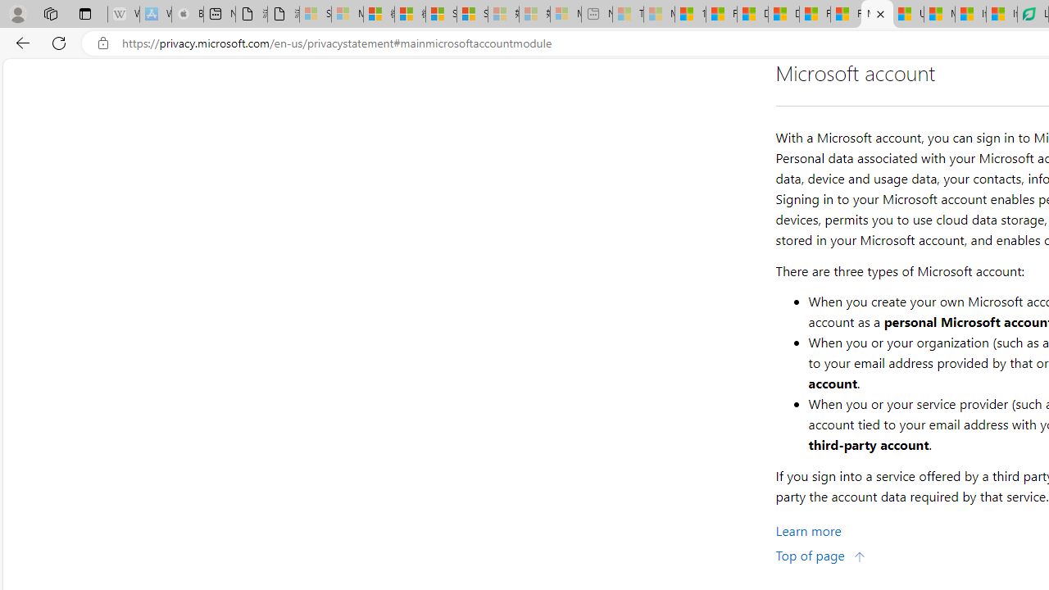 This screenshot has width=1049, height=590. Describe the element at coordinates (721, 14) in the screenshot. I see `'Food and Drink - MSN'` at that location.